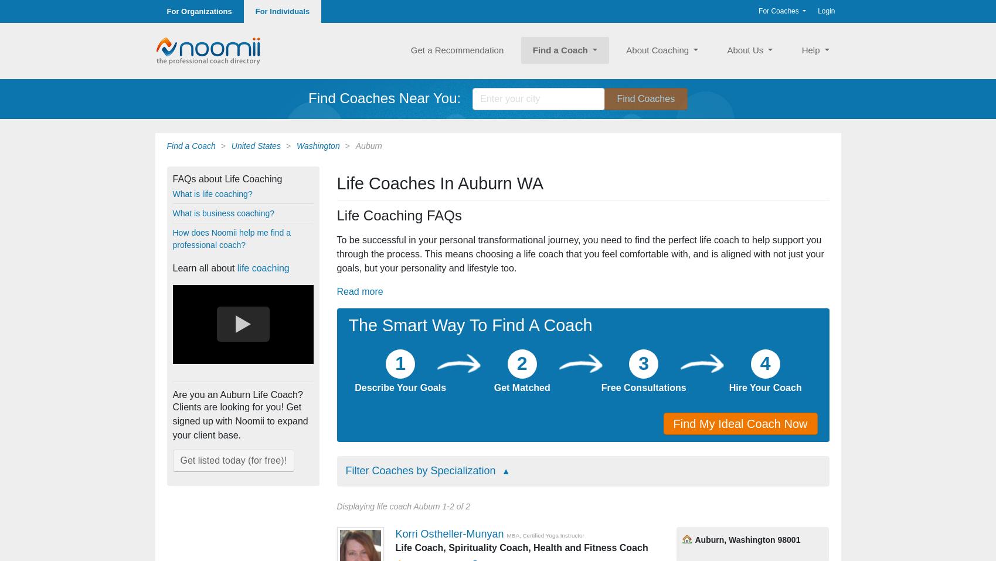 This screenshot has height=561, width=996. Describe the element at coordinates (734, 389) in the screenshot. I see `'Life Coach Auburn WA'` at that location.